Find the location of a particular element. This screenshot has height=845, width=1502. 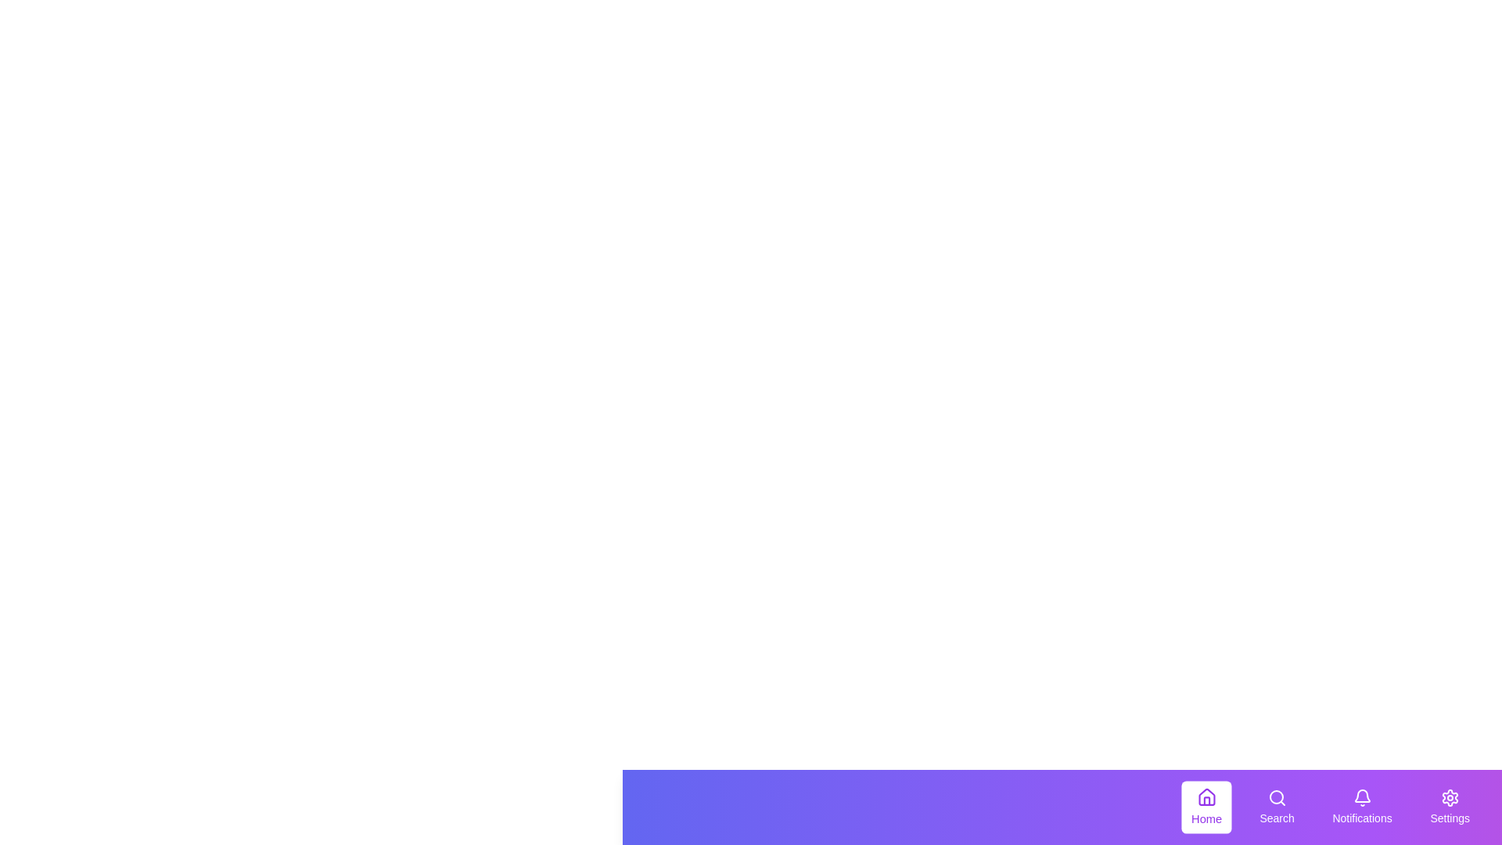

the Home tab to switch to its view is located at coordinates (1206, 807).